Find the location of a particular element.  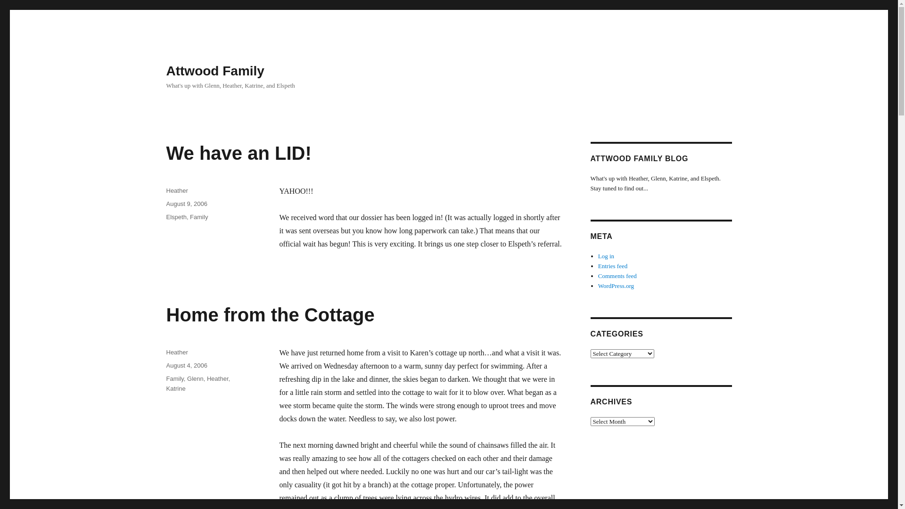

'Family' is located at coordinates (189, 217).